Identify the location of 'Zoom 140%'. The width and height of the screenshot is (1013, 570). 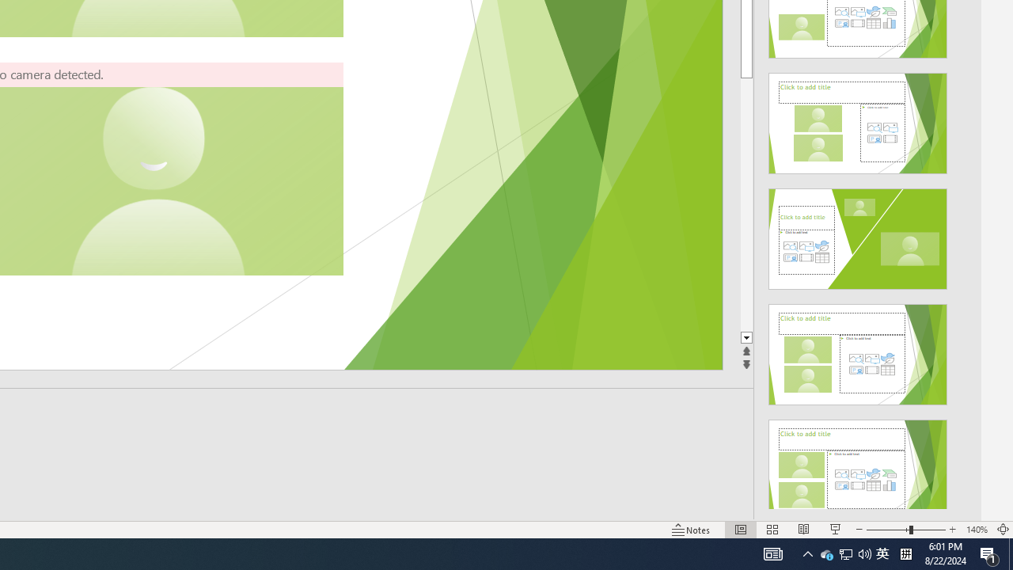
(976, 530).